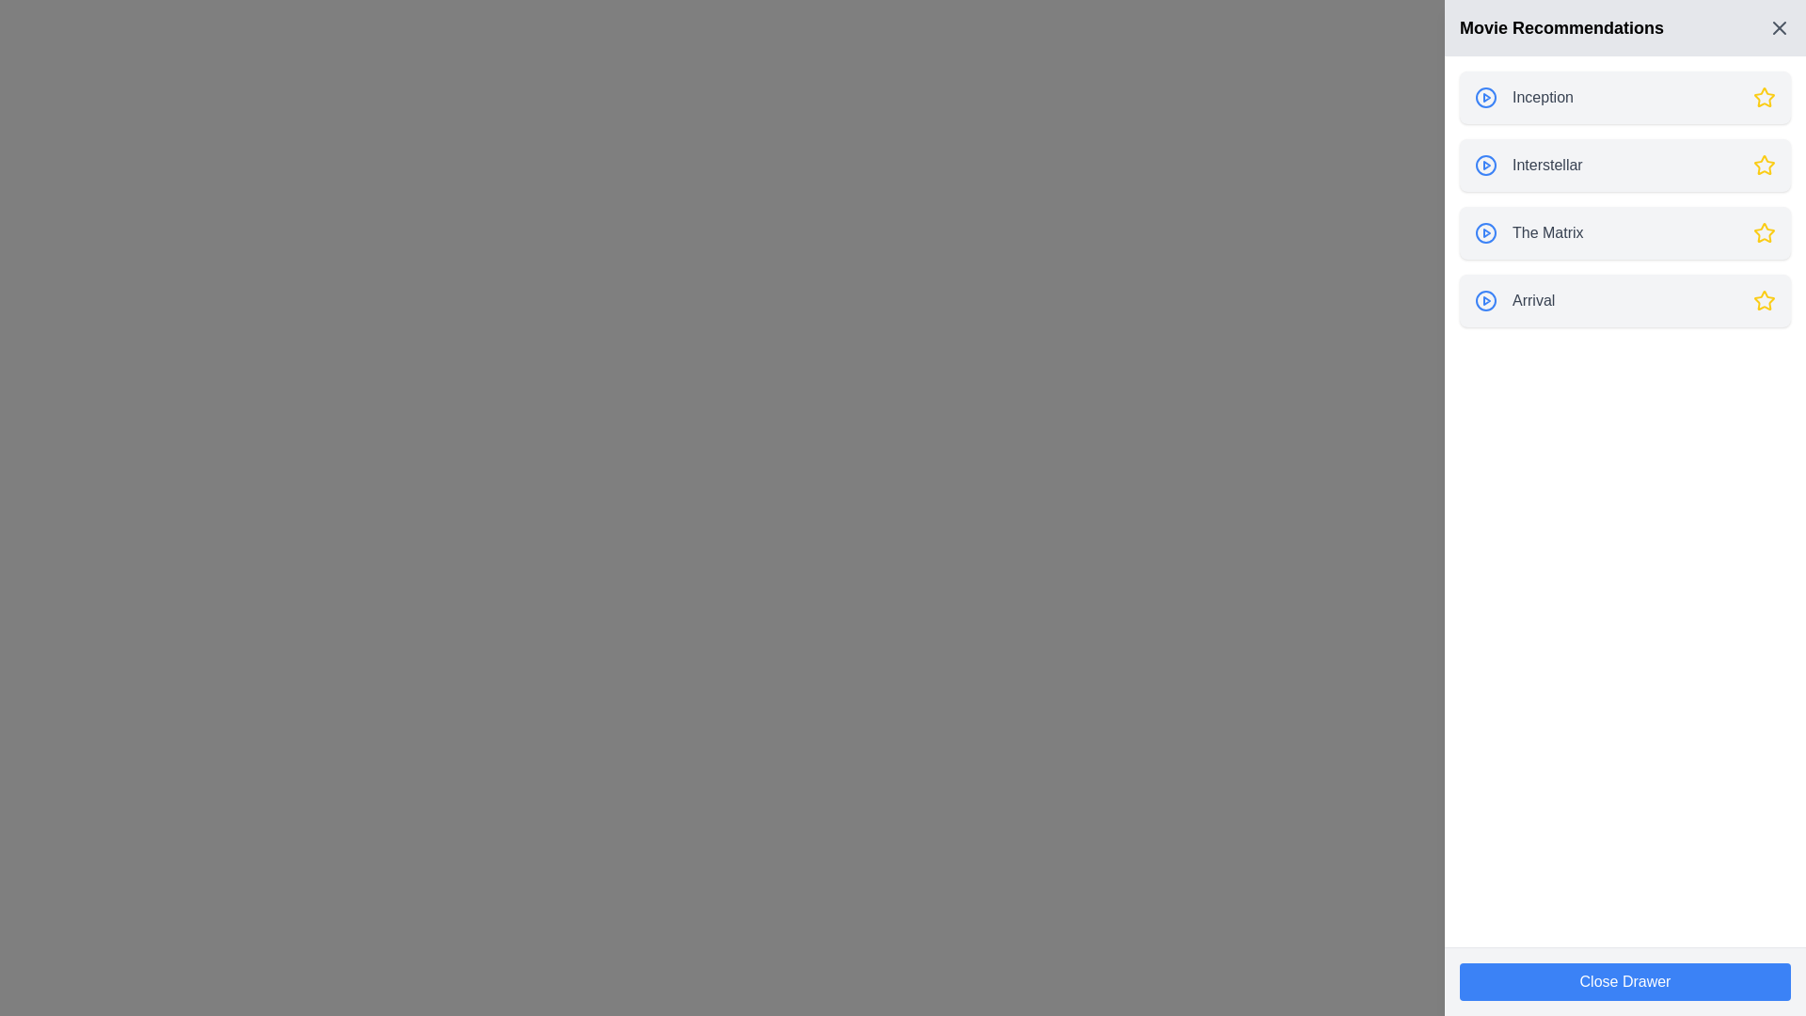 The width and height of the screenshot is (1806, 1016). I want to click on the fourth star icon located to the right of 'The Matrix' in the 'Movie Recommendations' section, so click(1764, 231).